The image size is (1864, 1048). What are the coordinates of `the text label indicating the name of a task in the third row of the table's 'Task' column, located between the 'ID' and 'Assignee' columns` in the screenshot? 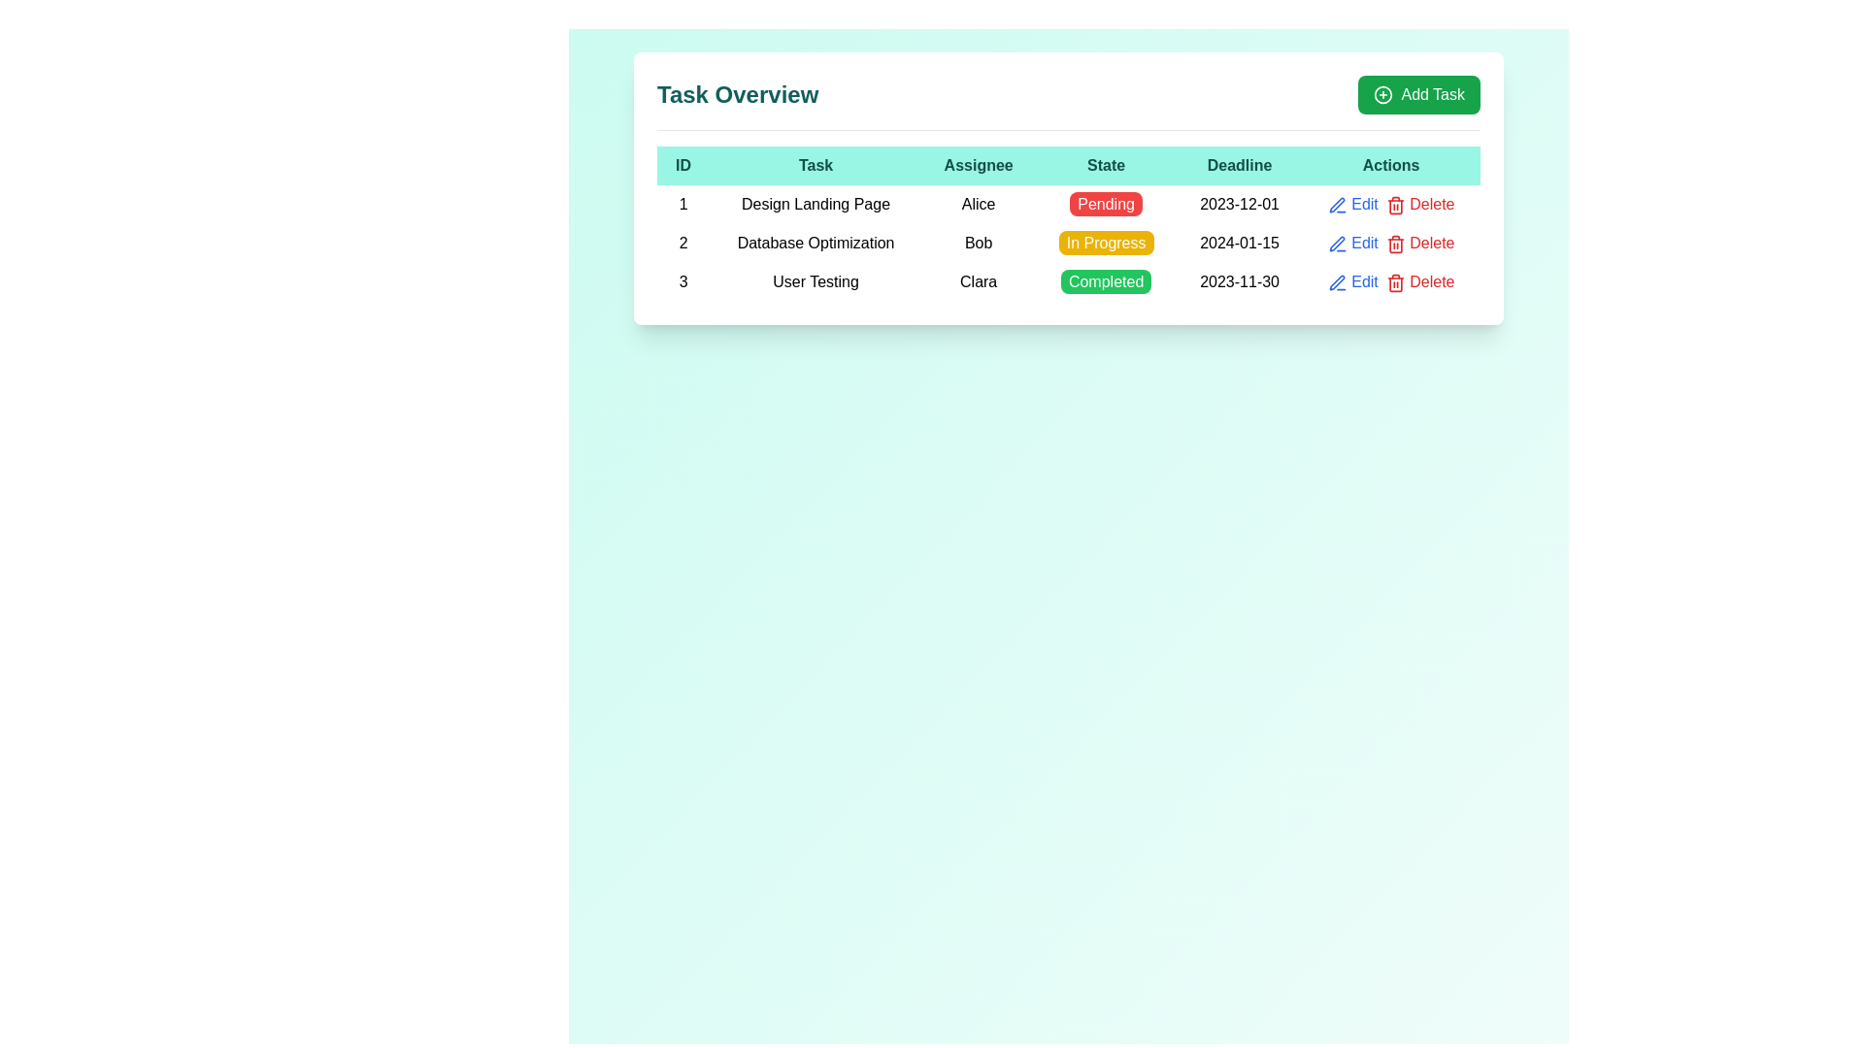 It's located at (815, 281).